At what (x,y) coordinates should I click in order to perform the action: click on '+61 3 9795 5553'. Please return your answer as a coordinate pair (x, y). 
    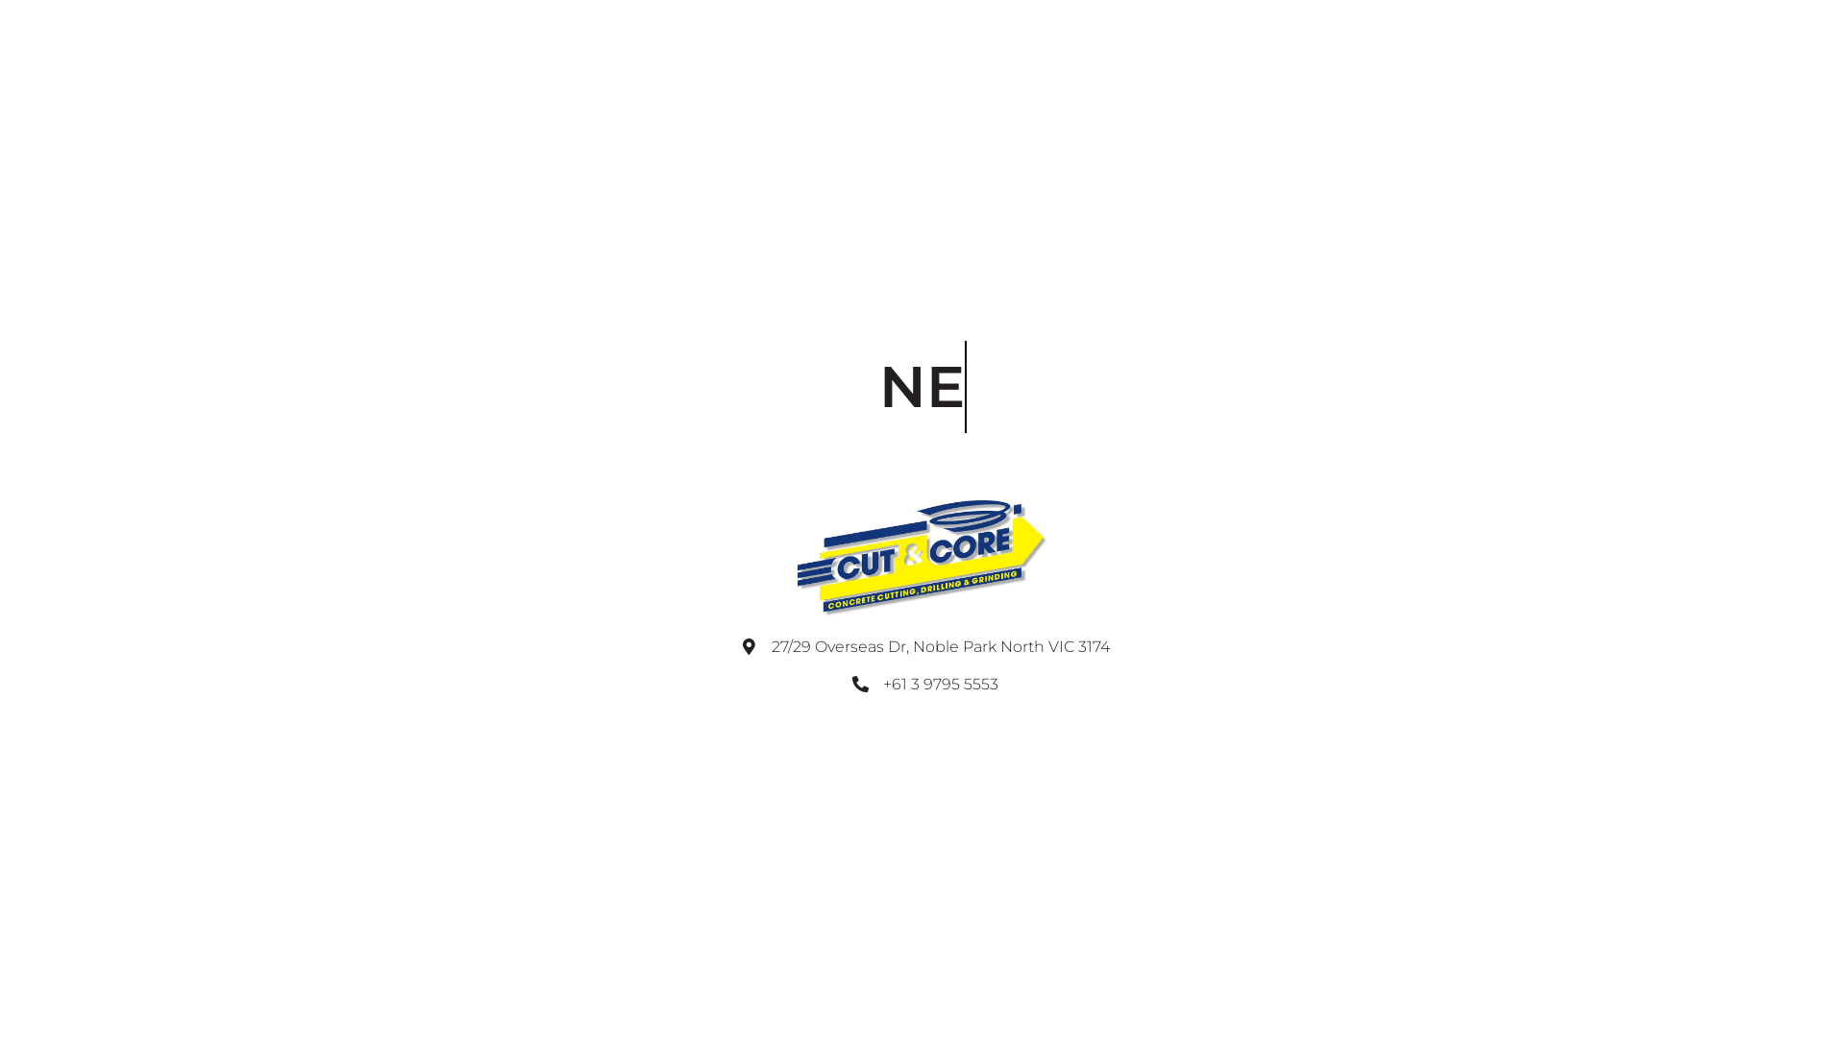
    Looking at the image, I should click on (923, 684).